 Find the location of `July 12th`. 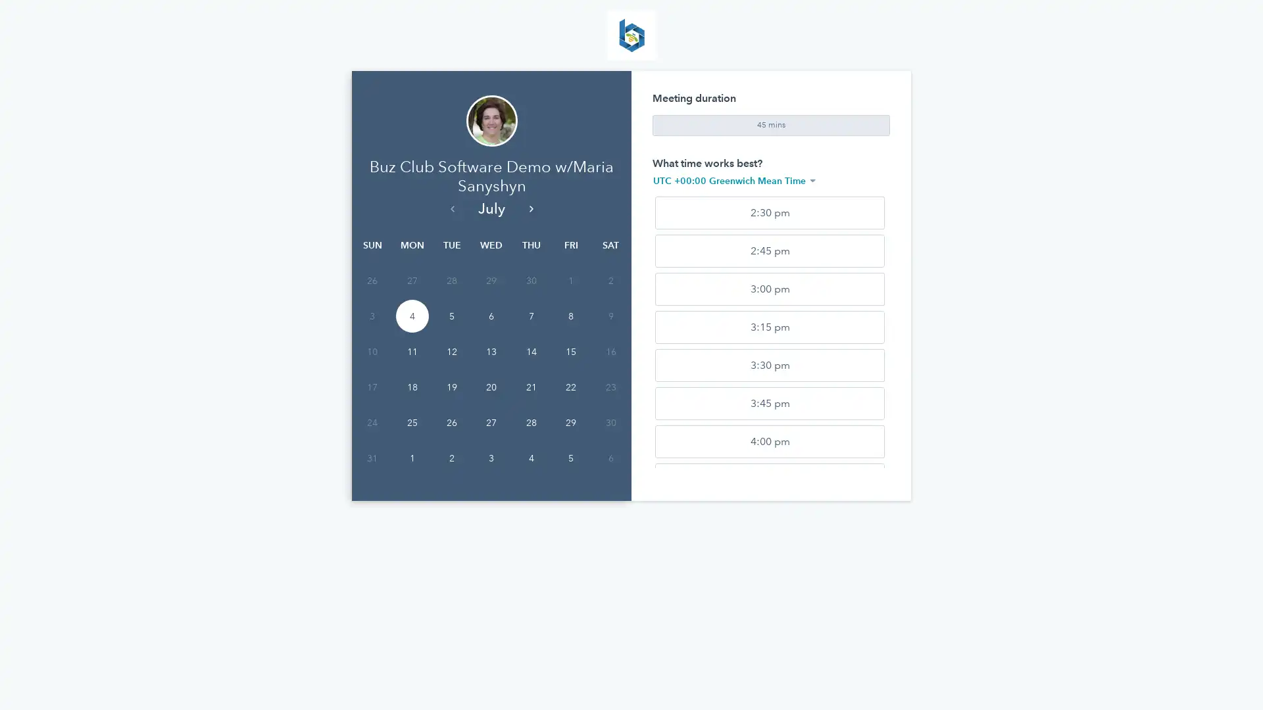

July 12th is located at coordinates (451, 351).